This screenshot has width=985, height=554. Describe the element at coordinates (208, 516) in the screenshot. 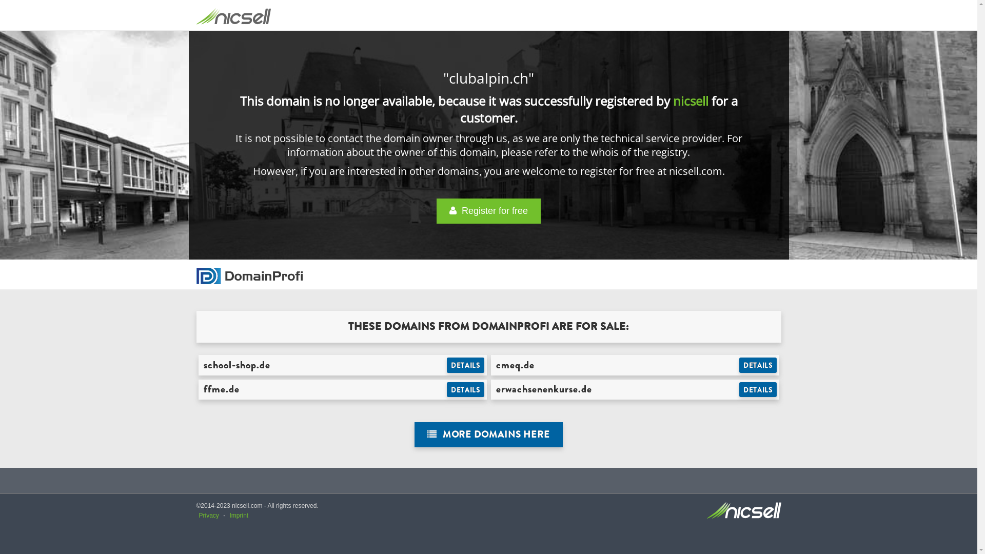

I see `'Privacy'` at that location.